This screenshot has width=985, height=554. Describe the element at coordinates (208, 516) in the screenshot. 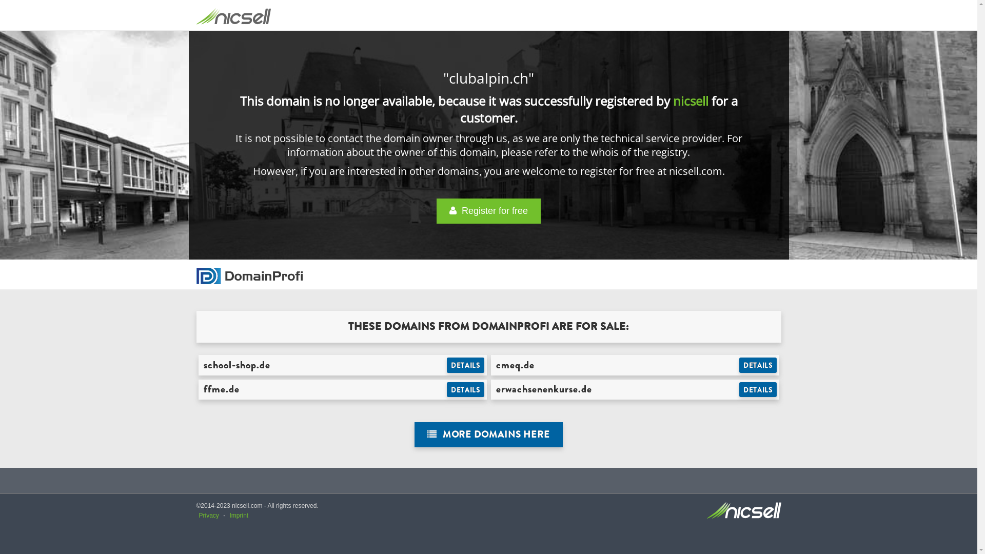

I see `'Privacy'` at that location.